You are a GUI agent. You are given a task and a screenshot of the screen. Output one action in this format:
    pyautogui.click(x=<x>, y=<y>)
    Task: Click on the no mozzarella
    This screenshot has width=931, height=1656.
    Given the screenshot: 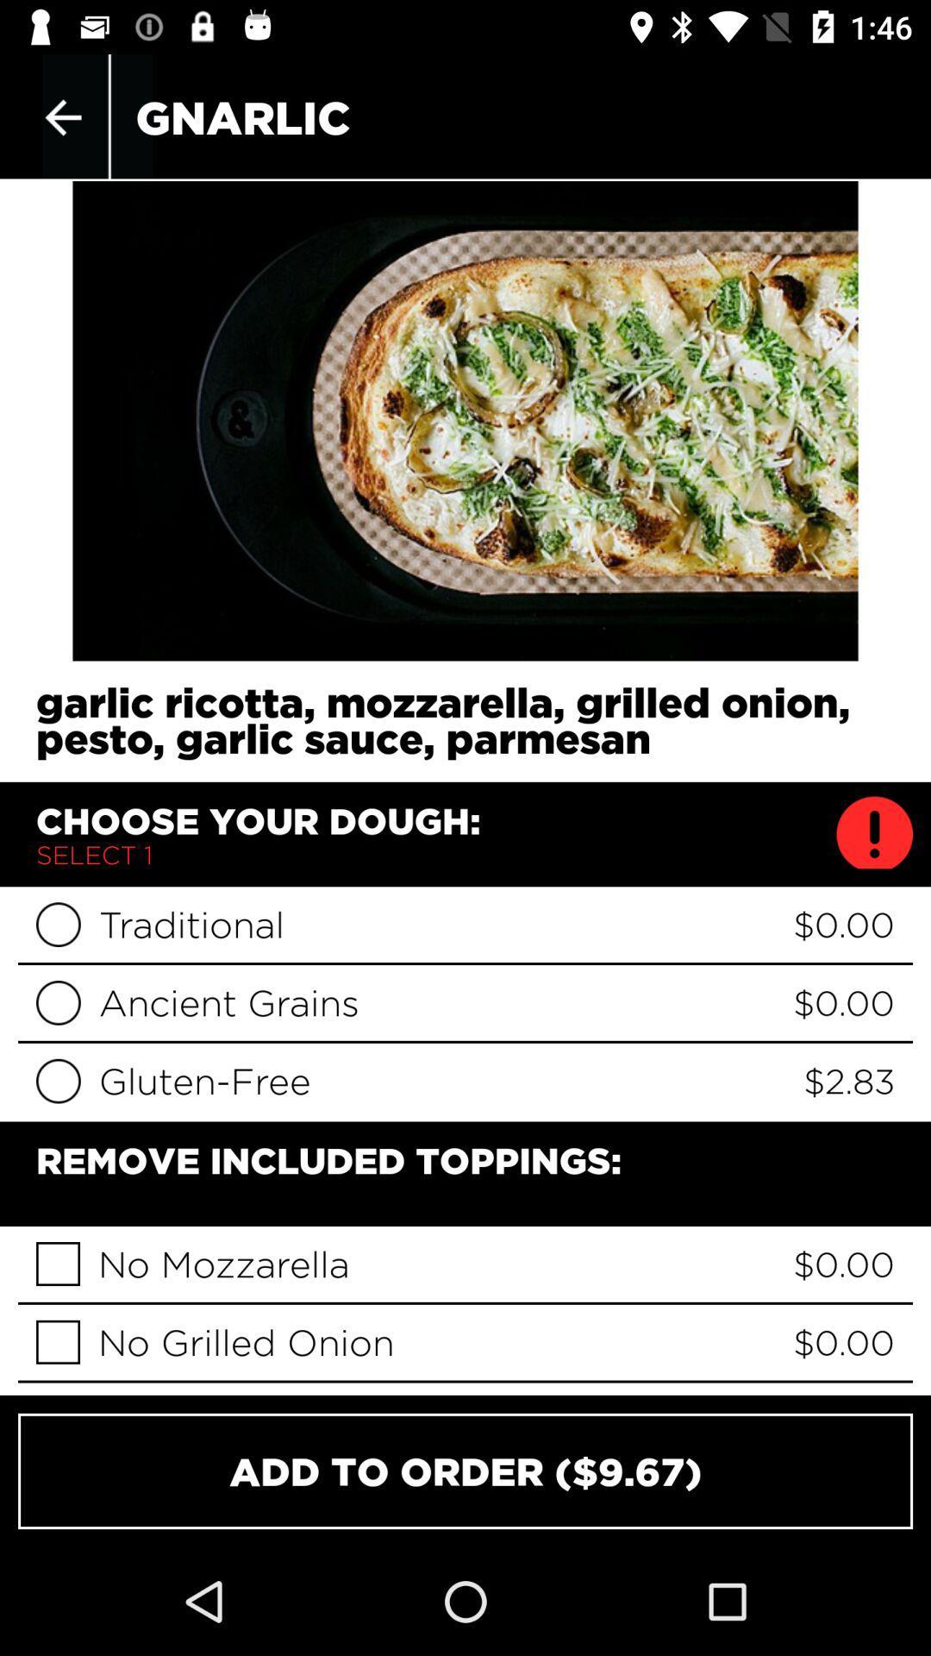 What is the action you would take?
    pyautogui.click(x=57, y=1264)
    